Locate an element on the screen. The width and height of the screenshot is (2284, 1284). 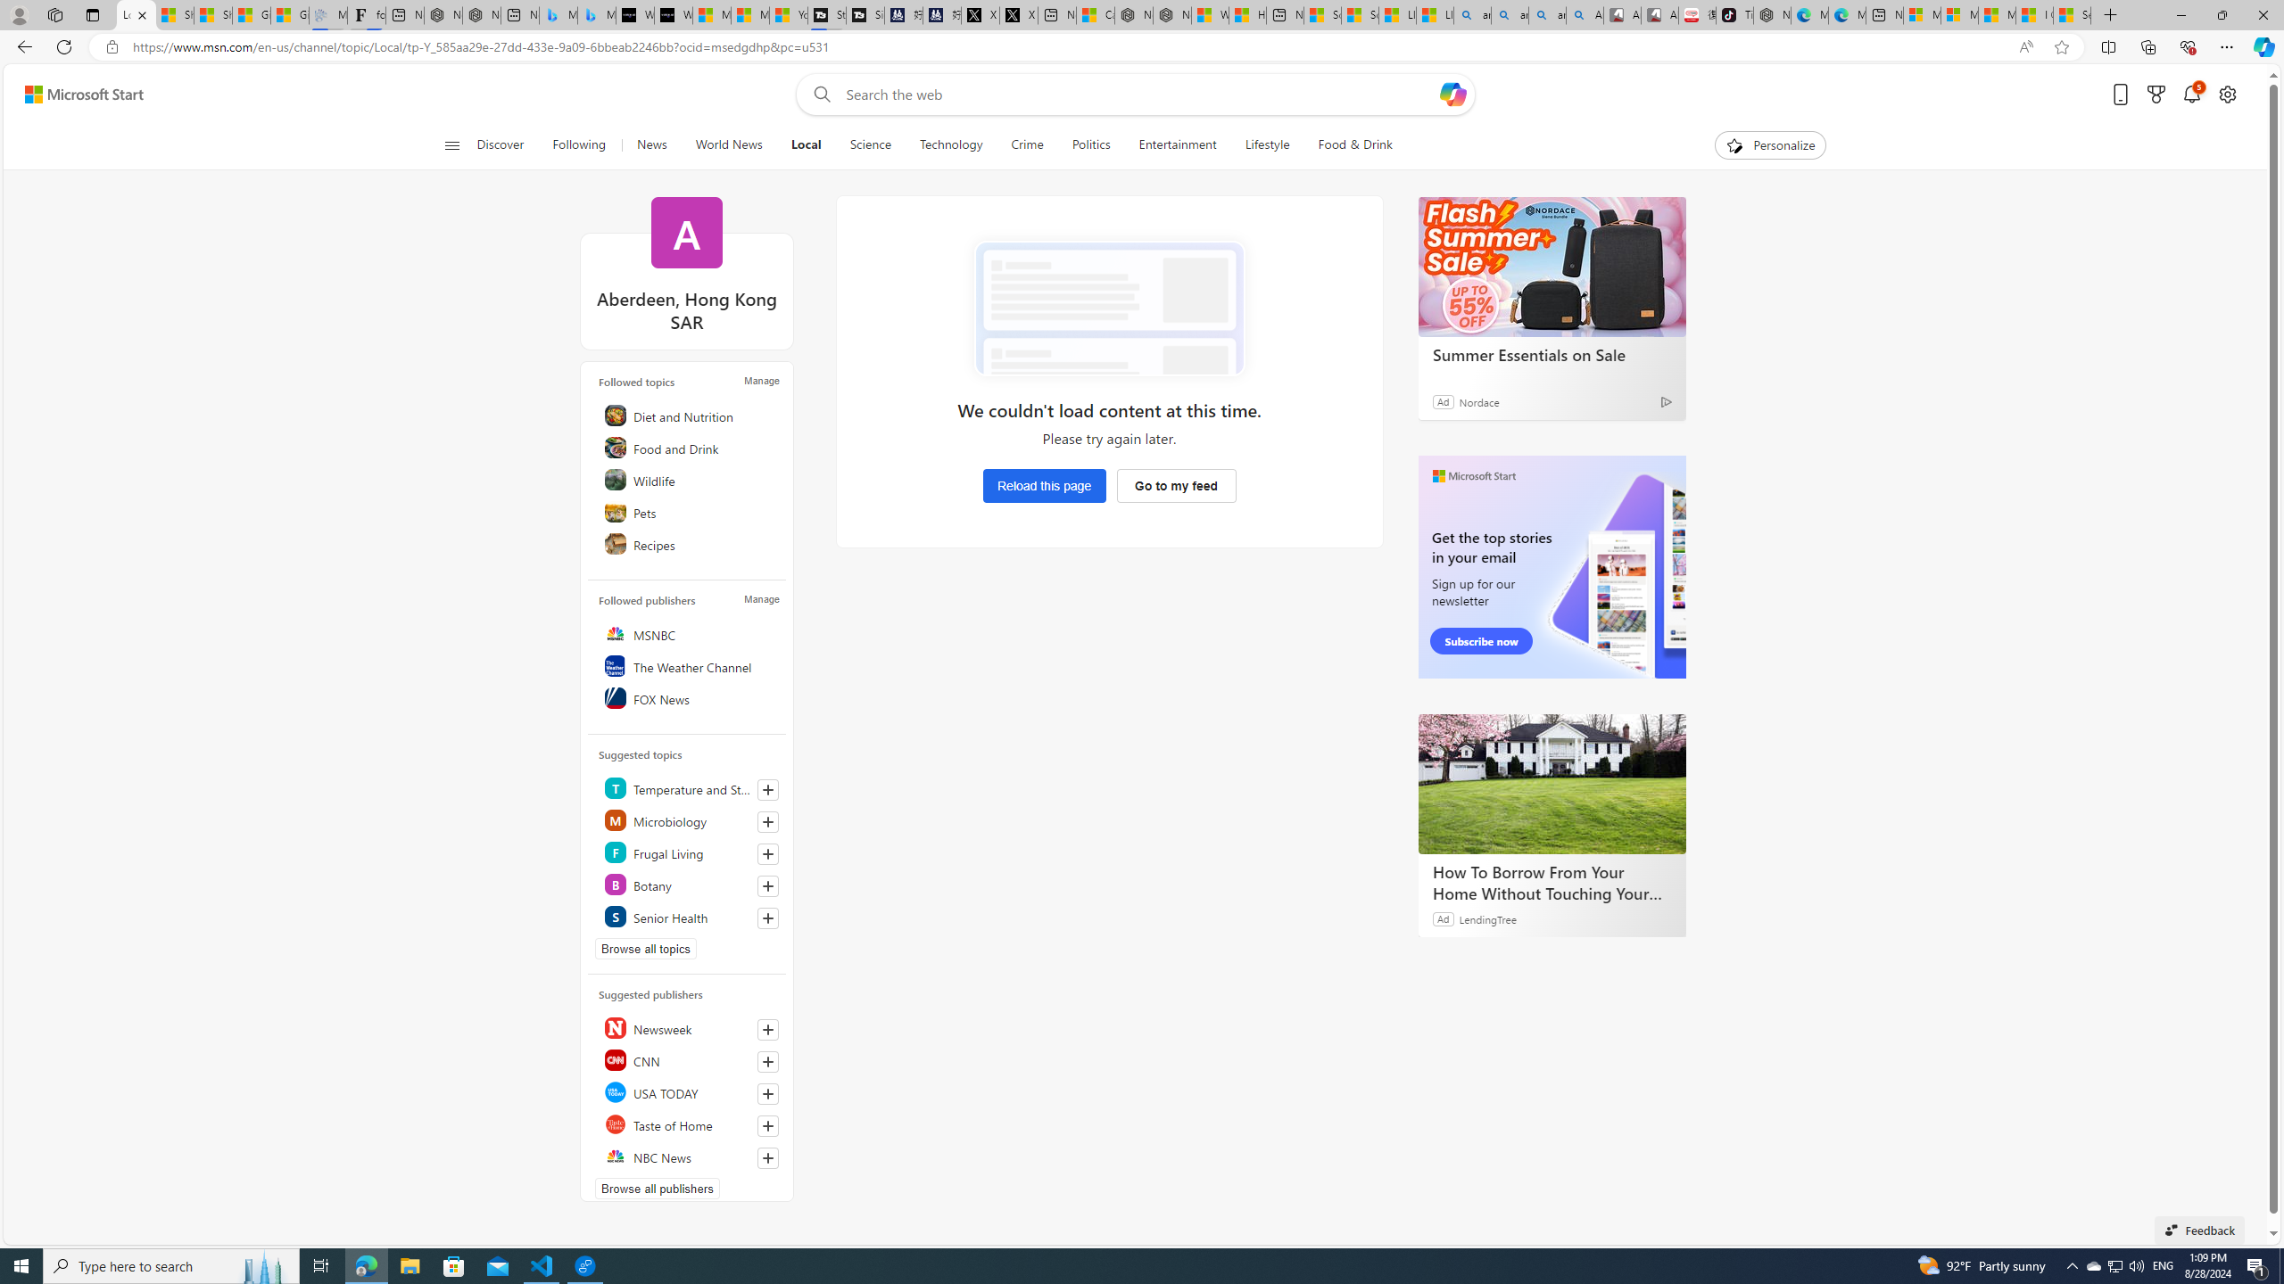
'I Gained 20 Pounds of Muscle in 30 Days! | Watch' is located at coordinates (2032, 14).